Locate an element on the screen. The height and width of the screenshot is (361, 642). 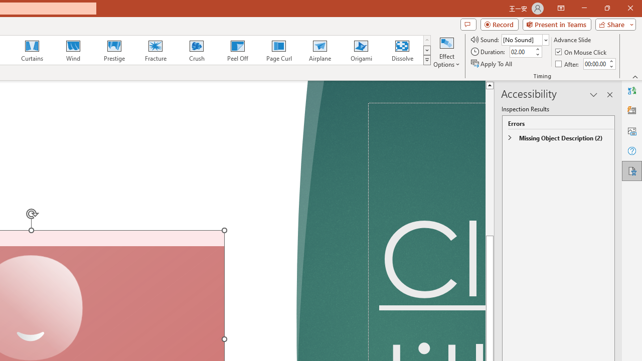
'On Mouse Click' is located at coordinates (581, 52).